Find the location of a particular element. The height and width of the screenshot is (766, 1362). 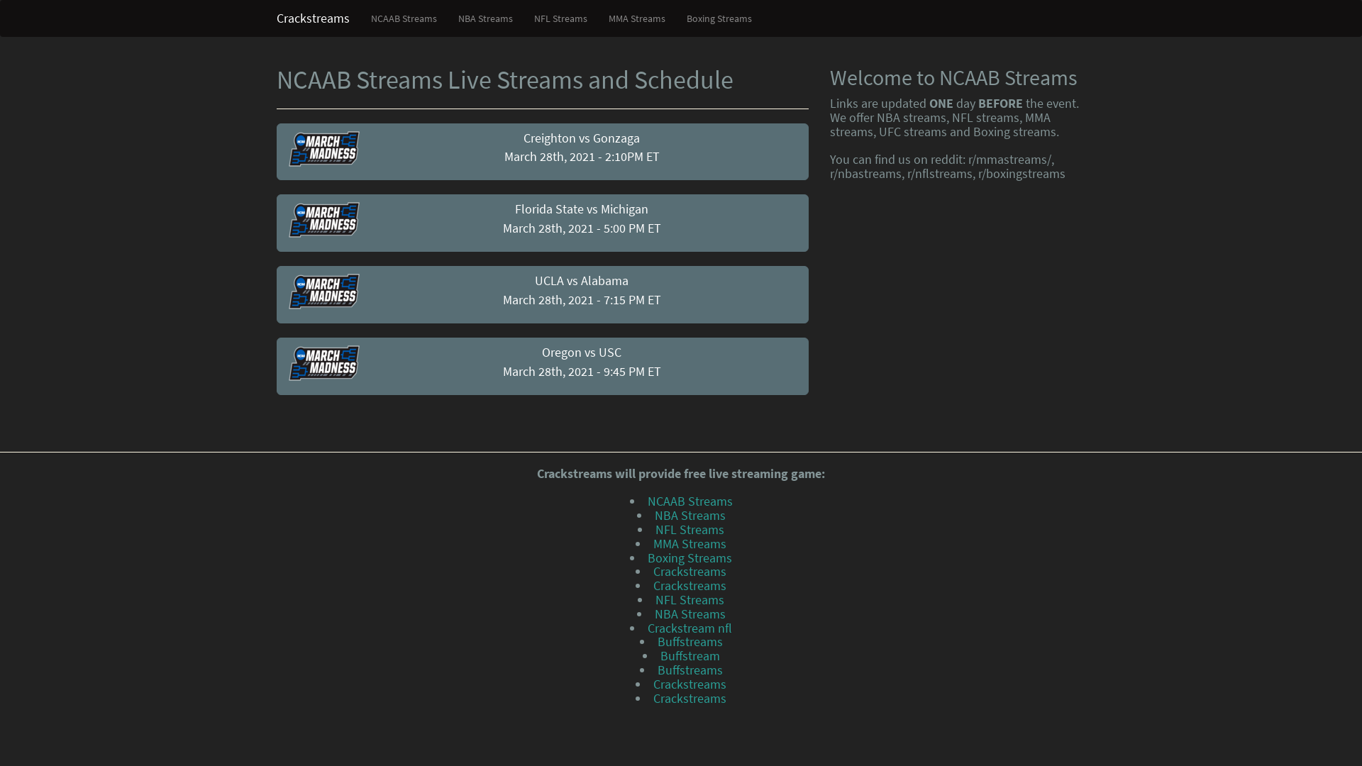

'NCAAB Streams' is located at coordinates (323, 291).